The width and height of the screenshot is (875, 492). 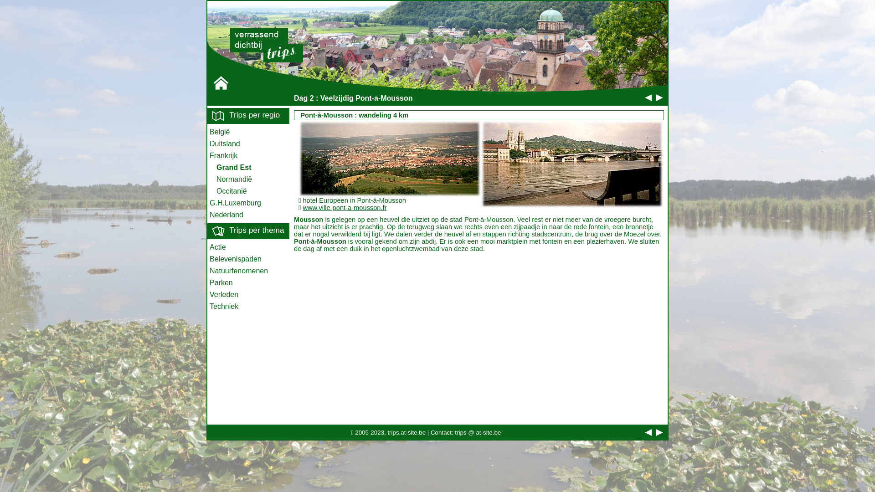 I want to click on 'G.H.Luxemburg', so click(x=248, y=203).